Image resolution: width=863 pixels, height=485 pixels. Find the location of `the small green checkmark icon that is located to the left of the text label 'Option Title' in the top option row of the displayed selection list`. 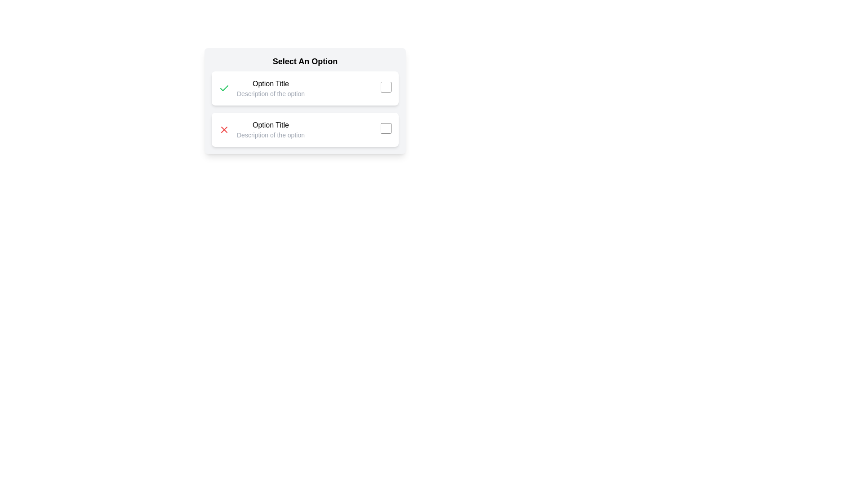

the small green checkmark icon that is located to the left of the text label 'Option Title' in the top option row of the displayed selection list is located at coordinates (224, 88).